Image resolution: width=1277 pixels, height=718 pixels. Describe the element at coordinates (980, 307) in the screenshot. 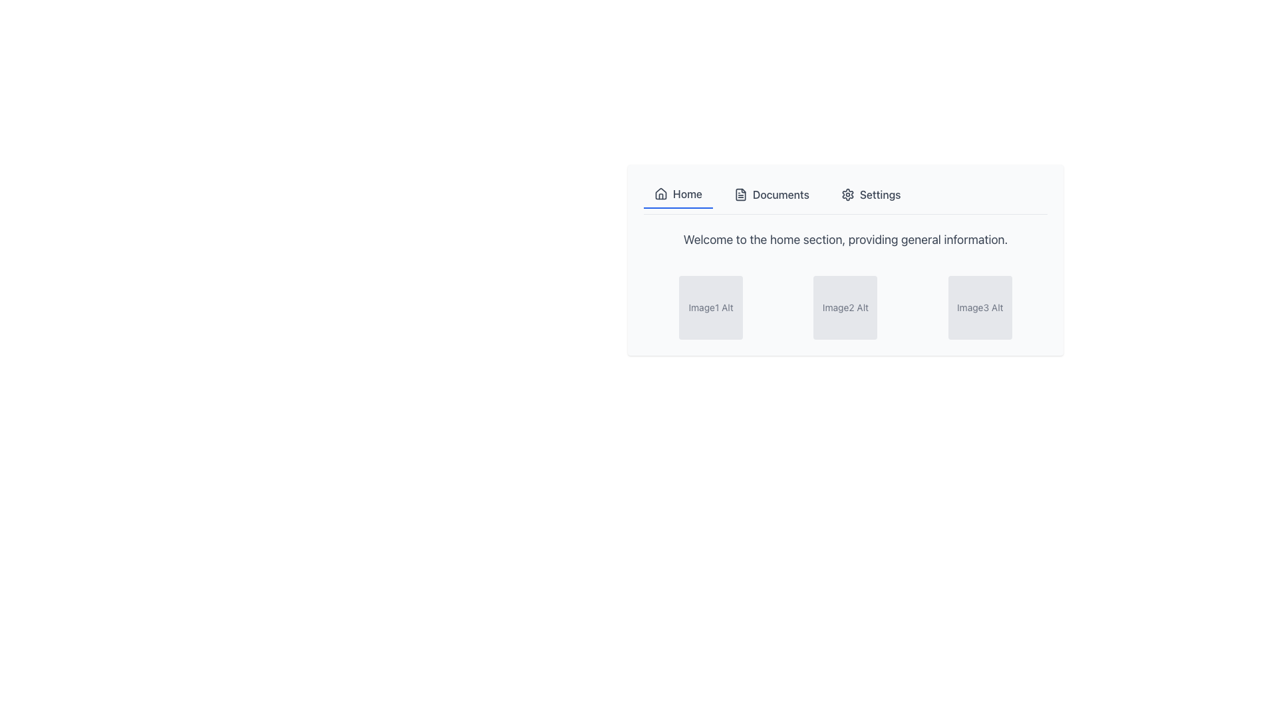

I see `text from the third placeholder labeled 'Image3 Alt', which represents an image or media content in the interface` at that location.